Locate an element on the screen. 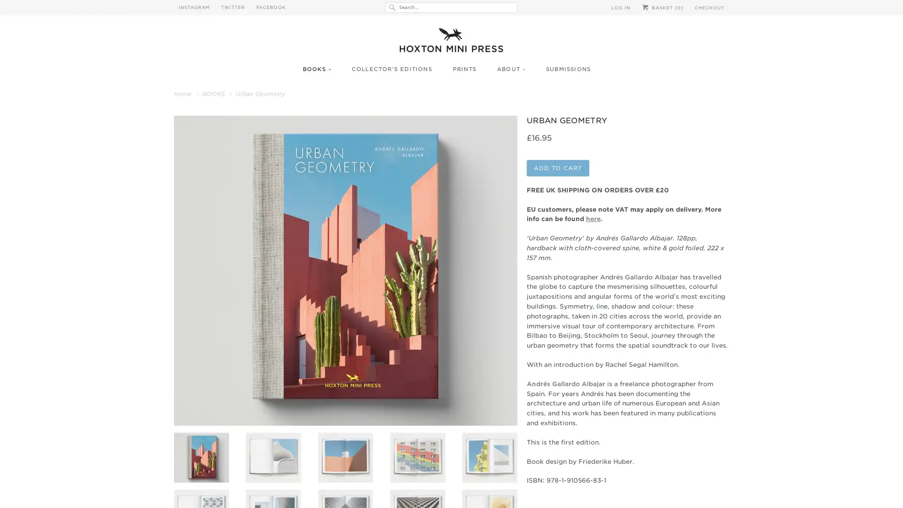 This screenshot has width=903, height=508. ADD TO CART is located at coordinates (558, 179).